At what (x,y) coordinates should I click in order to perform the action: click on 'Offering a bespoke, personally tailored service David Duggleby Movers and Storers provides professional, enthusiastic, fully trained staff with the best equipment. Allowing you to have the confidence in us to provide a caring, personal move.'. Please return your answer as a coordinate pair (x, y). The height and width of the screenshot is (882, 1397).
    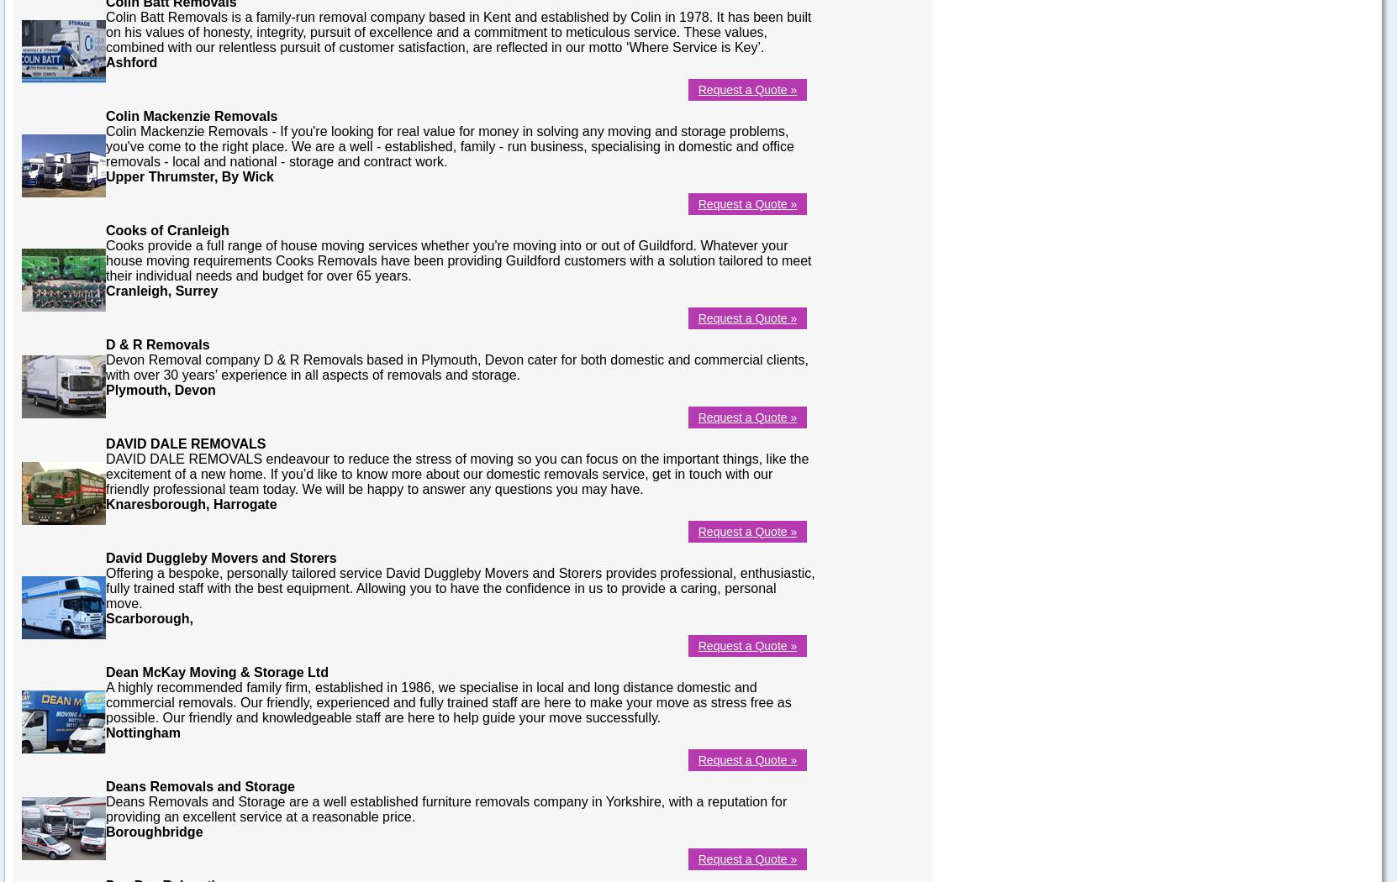
    Looking at the image, I should click on (459, 587).